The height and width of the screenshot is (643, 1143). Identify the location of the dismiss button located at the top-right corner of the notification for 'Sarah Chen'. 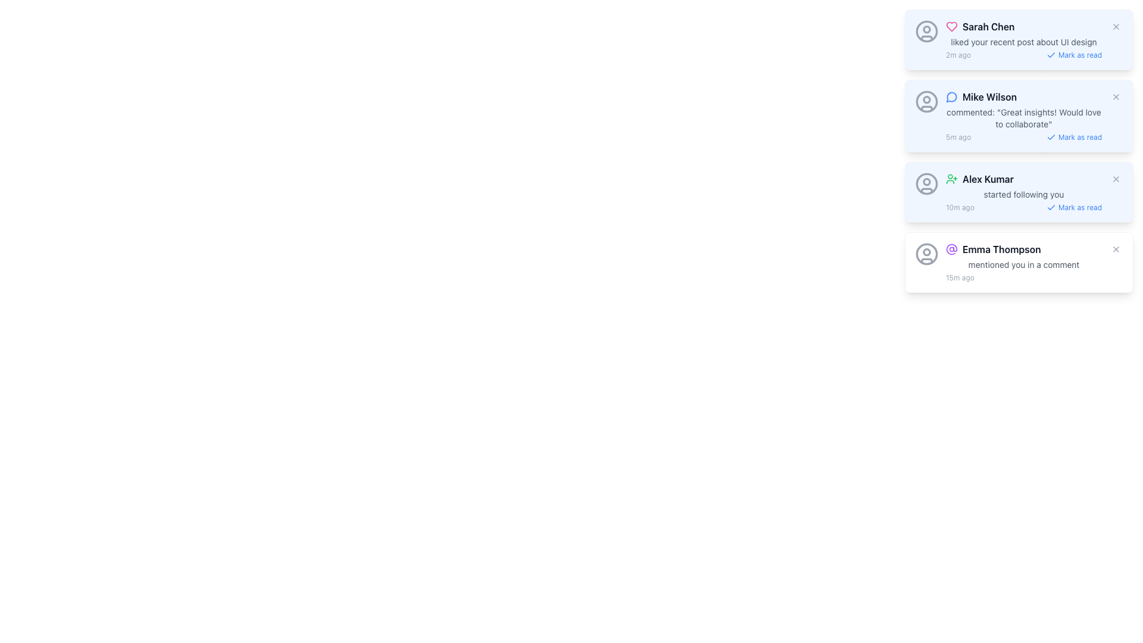
(1116, 27).